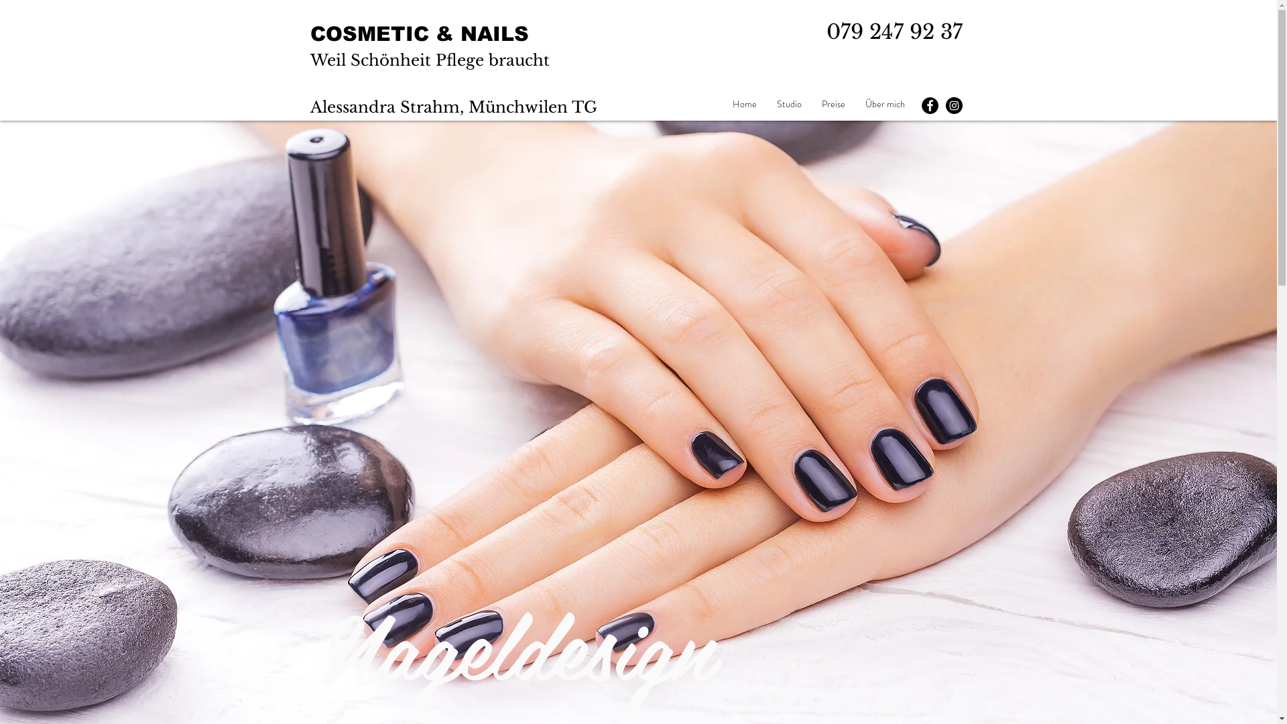 Image resolution: width=1287 pixels, height=724 pixels. Describe the element at coordinates (766, 103) in the screenshot. I see `'Studio'` at that location.